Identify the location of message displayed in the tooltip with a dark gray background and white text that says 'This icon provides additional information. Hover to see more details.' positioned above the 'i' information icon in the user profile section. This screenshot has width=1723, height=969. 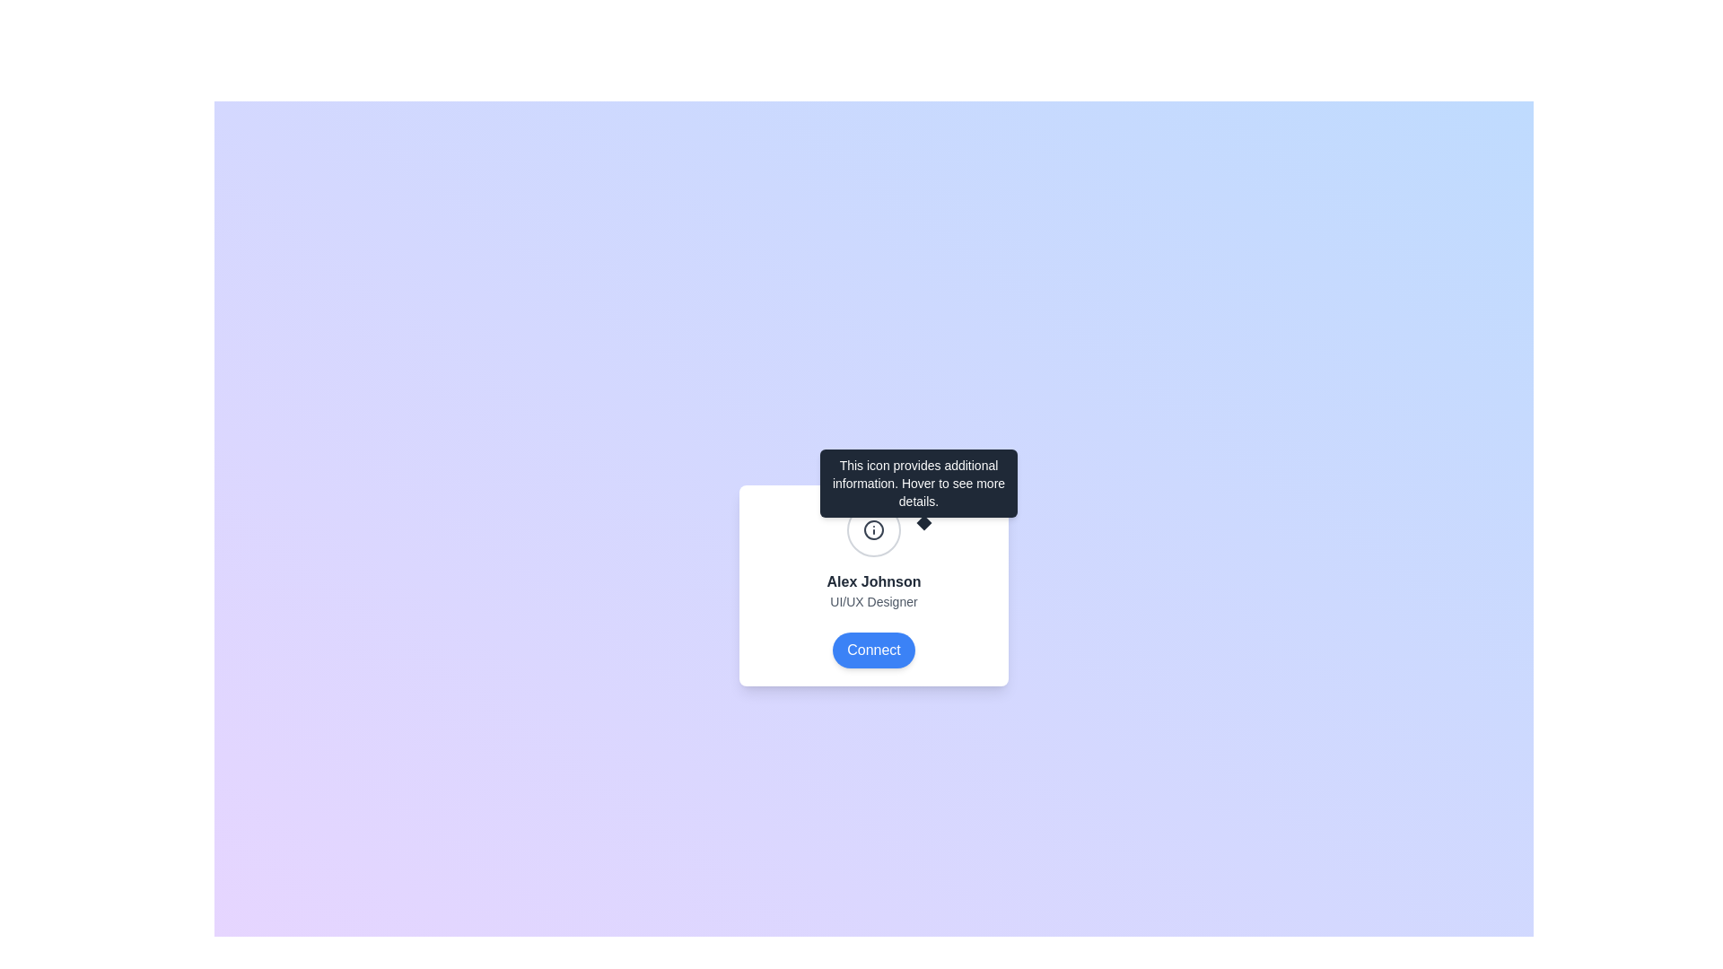
(918, 483).